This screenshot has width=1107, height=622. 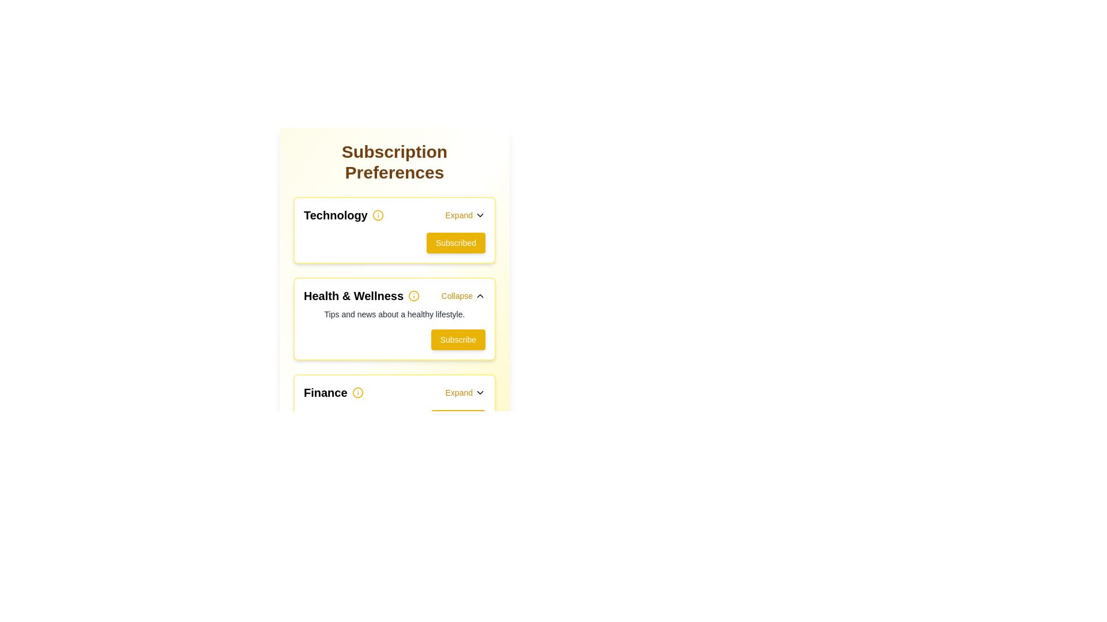 I want to click on the yellow 'Subscribe' button with rounded corners located in the bottom right corner of the 'Health & Wellness' section, so click(x=457, y=339).